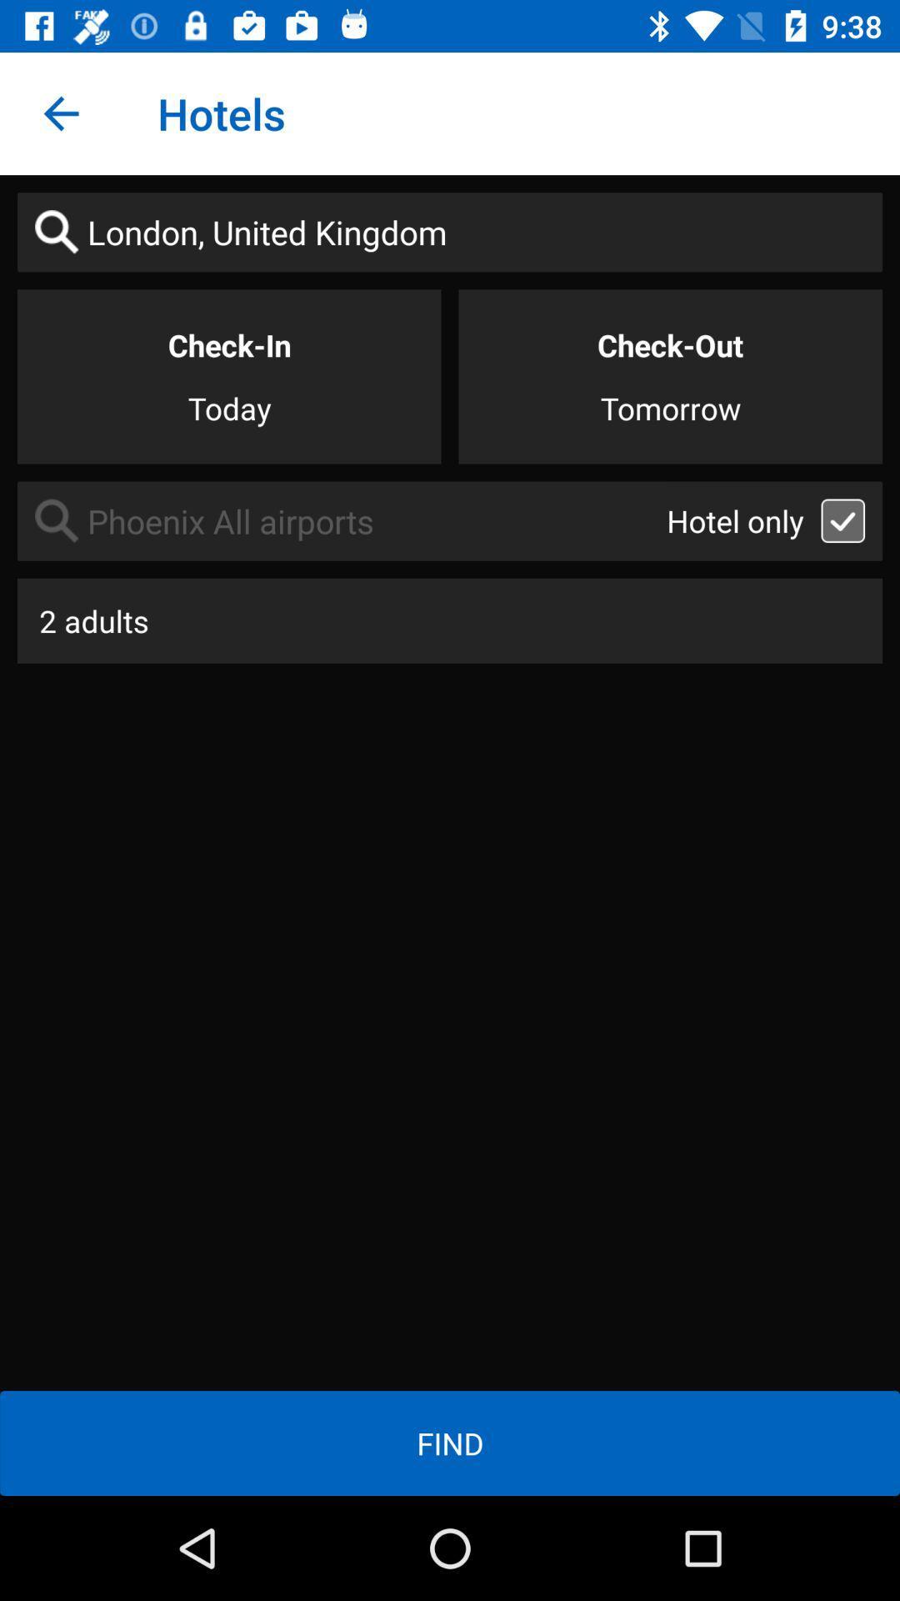 Image resolution: width=900 pixels, height=1601 pixels. What do you see at coordinates (842, 519) in the screenshot?
I see `enable option` at bounding box center [842, 519].